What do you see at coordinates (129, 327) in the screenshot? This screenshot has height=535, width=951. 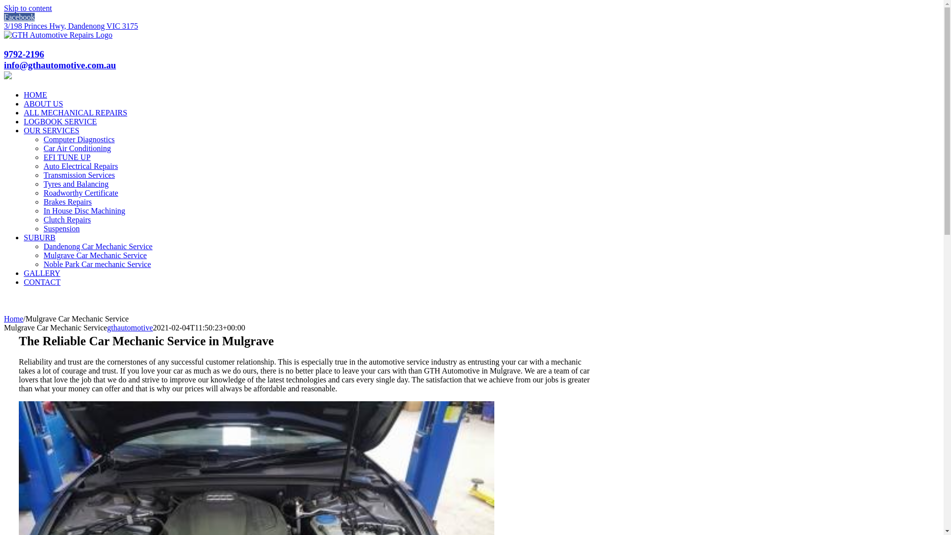 I see `'gthautomotive'` at bounding box center [129, 327].